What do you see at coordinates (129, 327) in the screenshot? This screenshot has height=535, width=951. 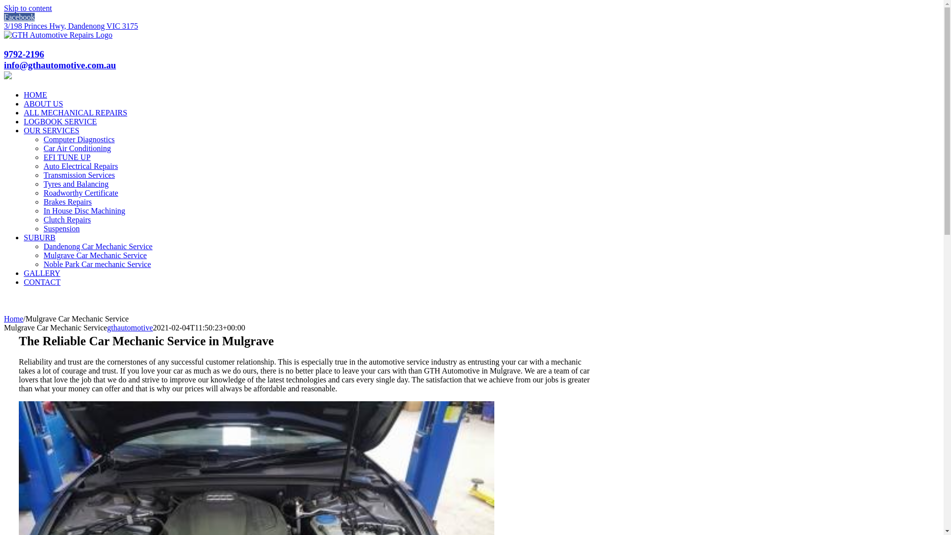 I see `'gthautomotive'` at bounding box center [129, 327].